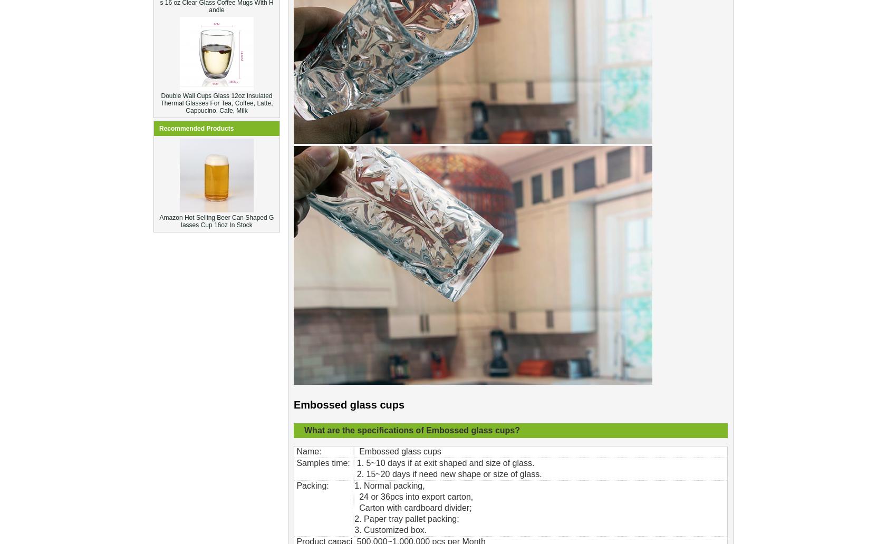  I want to click on '1. 5~10 days if at exit shaped and size of glass.', so click(444, 463).